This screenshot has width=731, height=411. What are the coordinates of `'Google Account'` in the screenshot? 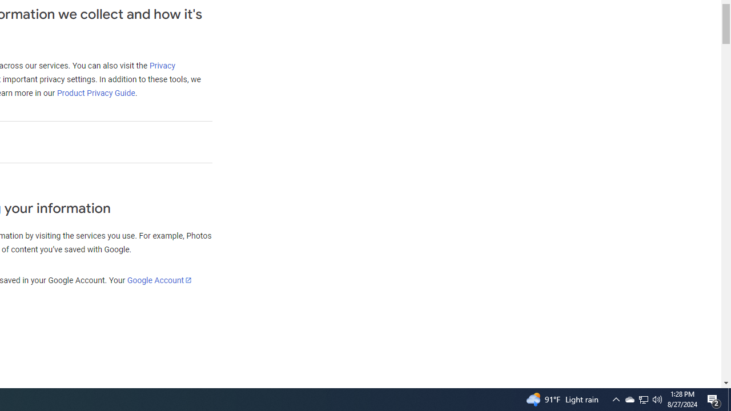 It's located at (159, 280).